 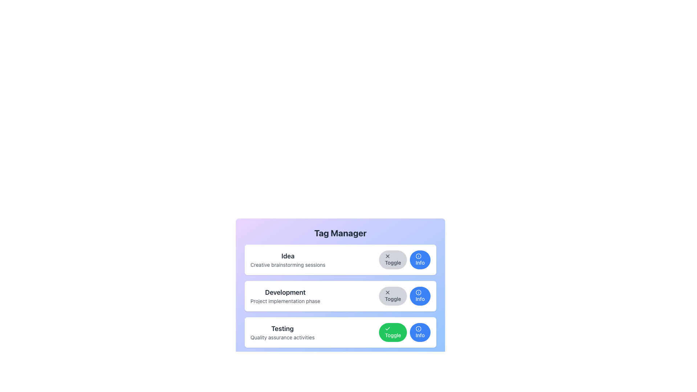 What do you see at coordinates (404, 332) in the screenshot?
I see `the green 'Toggle' button in the 'Testing' section of the 'Tag Manager' interface` at bounding box center [404, 332].